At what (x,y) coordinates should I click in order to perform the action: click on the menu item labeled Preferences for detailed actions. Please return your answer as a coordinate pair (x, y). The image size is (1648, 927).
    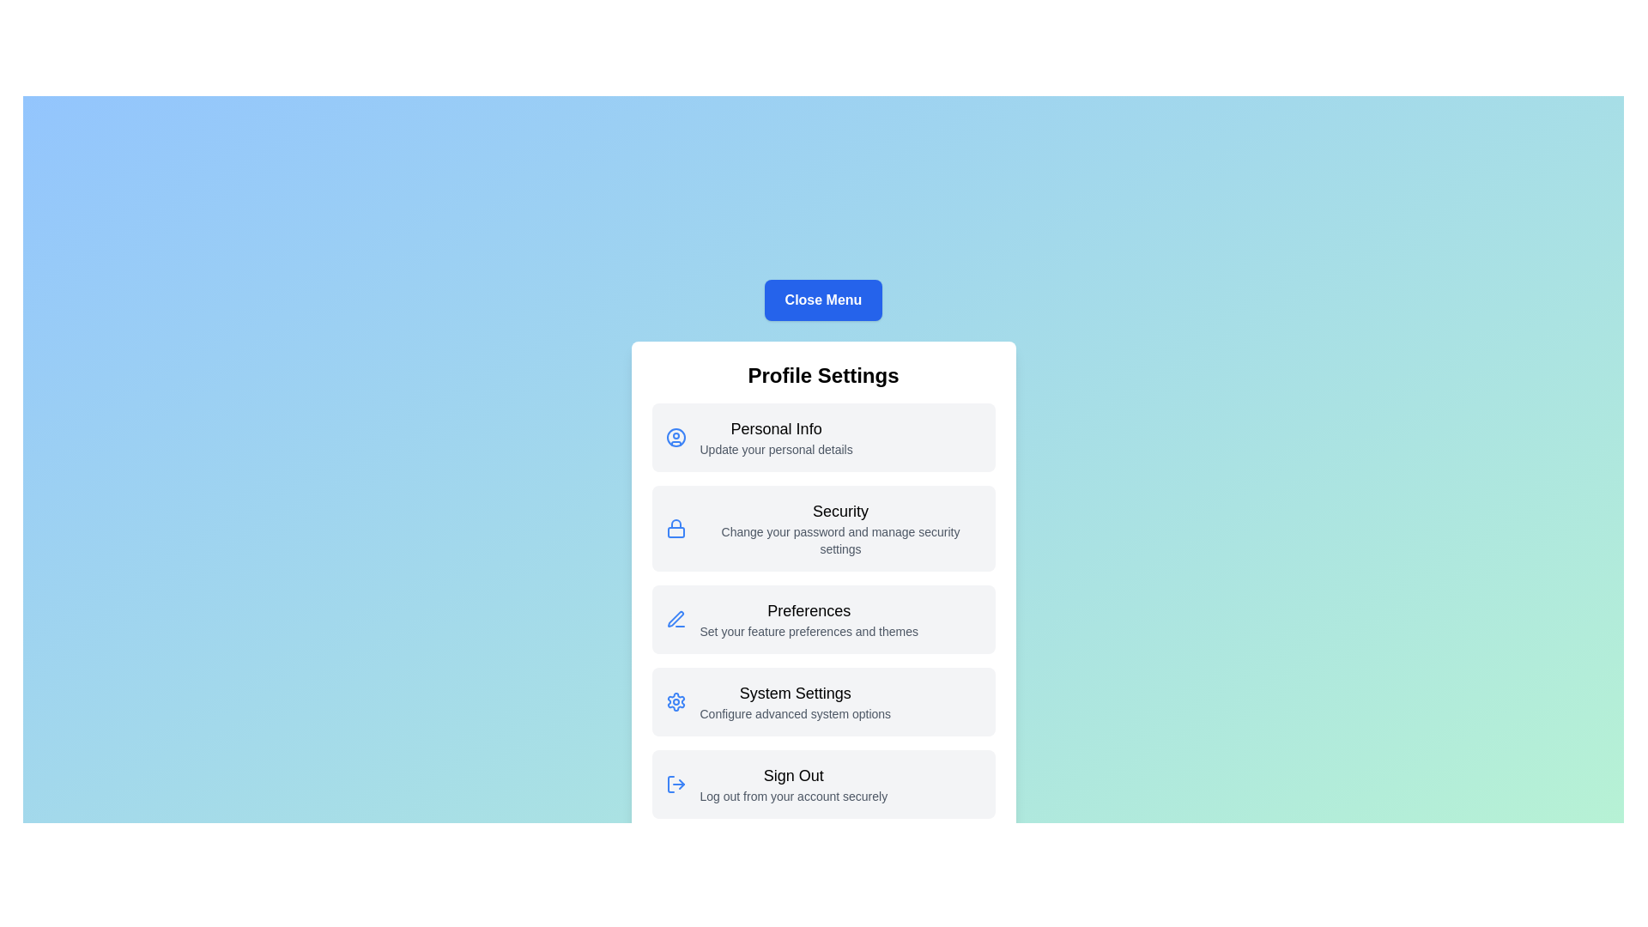
    Looking at the image, I should click on (822, 619).